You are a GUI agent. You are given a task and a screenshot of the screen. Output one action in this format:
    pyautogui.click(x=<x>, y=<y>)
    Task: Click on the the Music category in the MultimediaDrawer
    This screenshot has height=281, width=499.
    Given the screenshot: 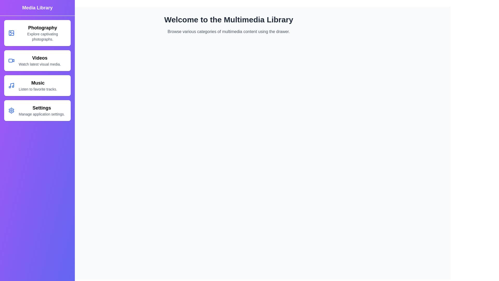 What is the action you would take?
    pyautogui.click(x=37, y=85)
    